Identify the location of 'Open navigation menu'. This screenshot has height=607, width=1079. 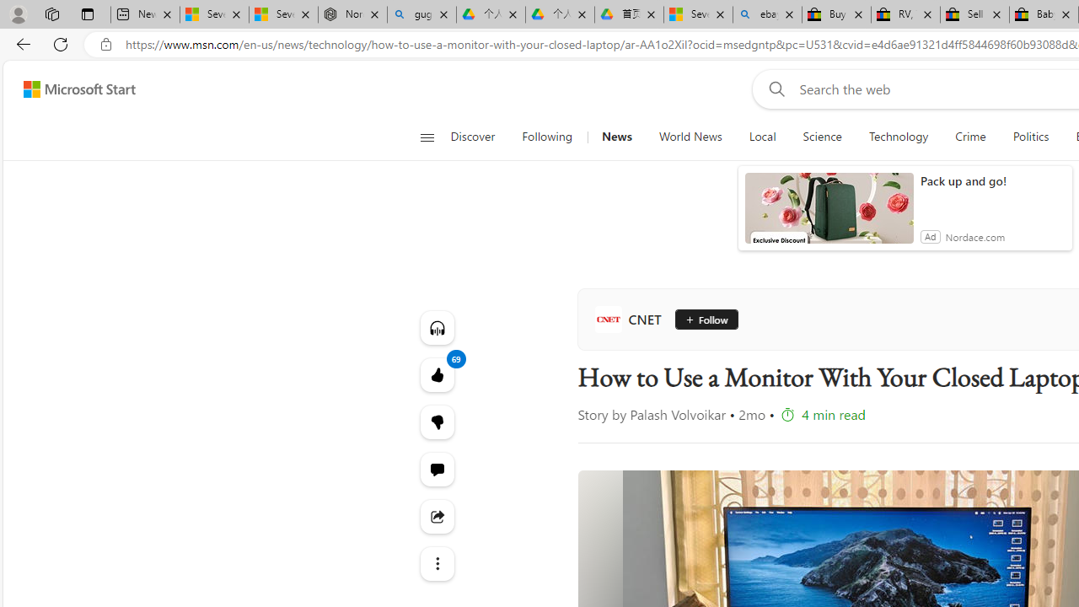
(427, 137).